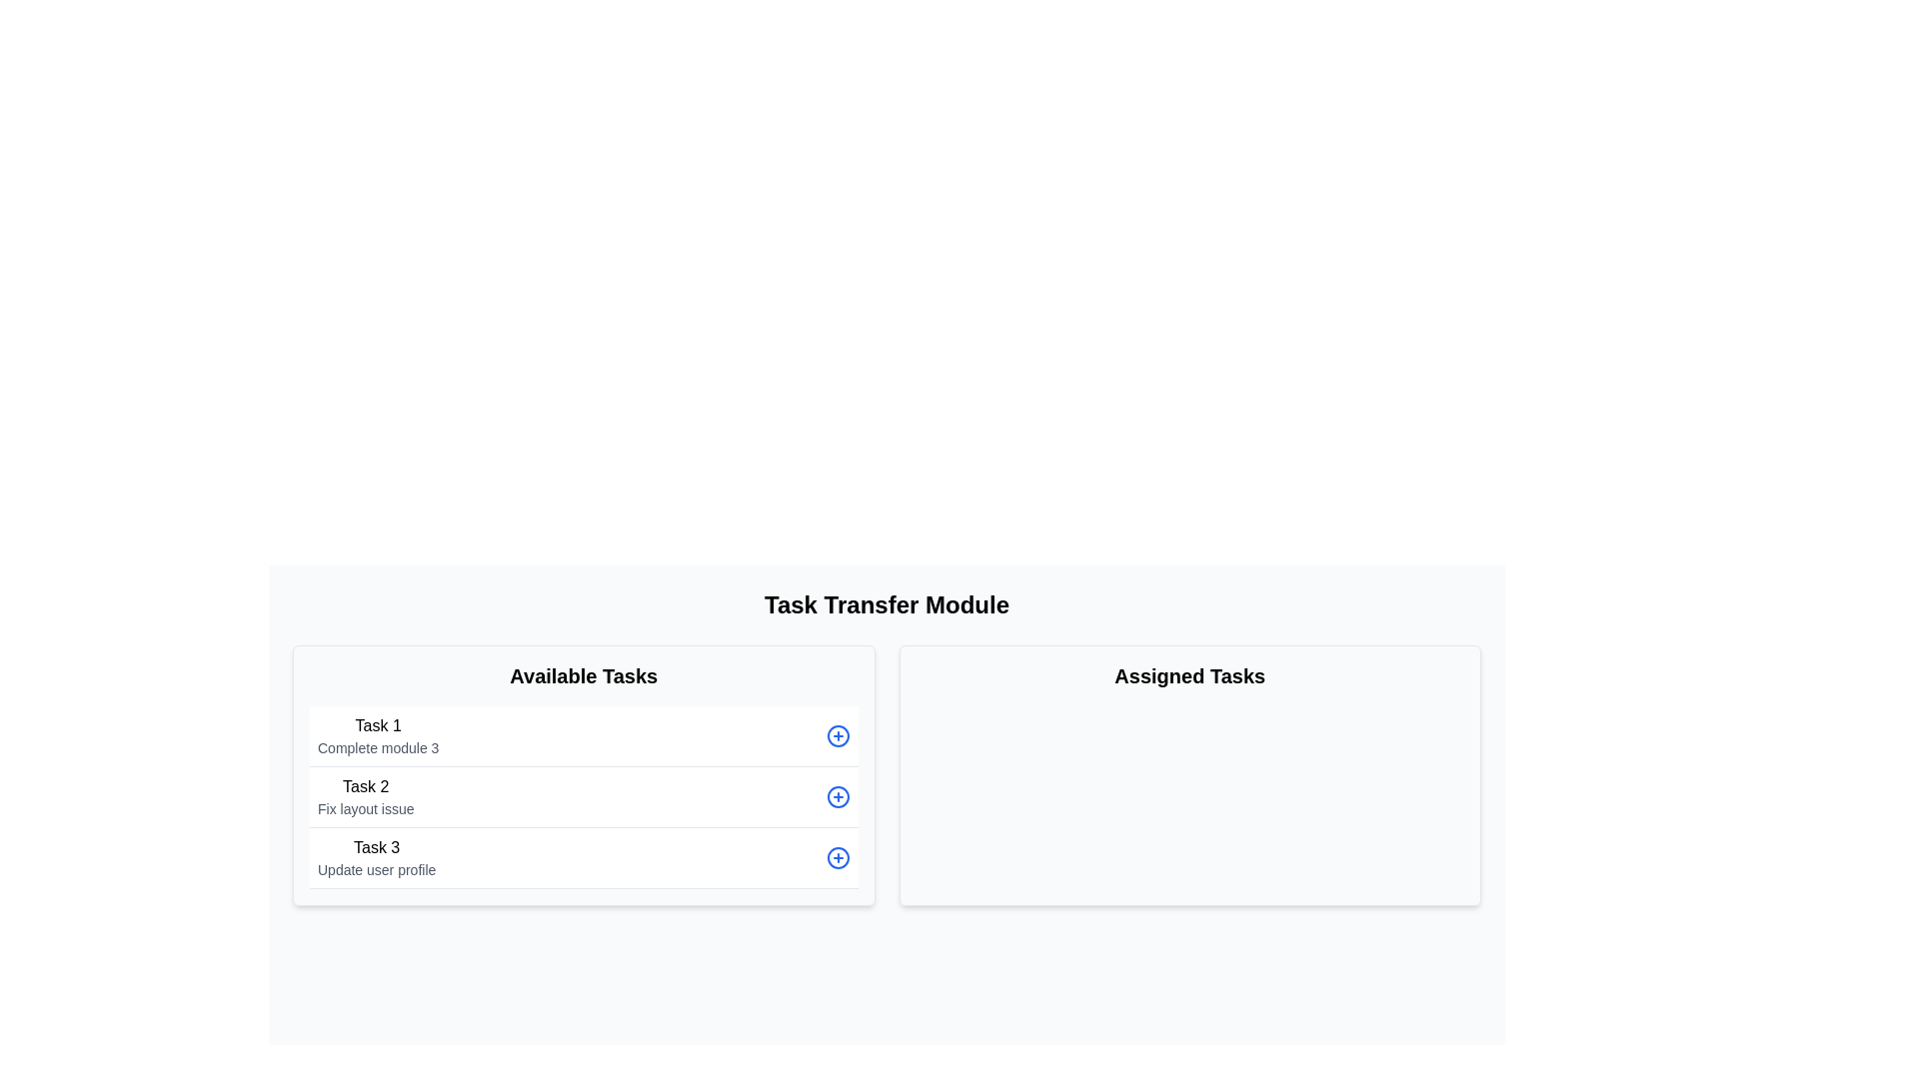  What do you see at coordinates (838, 857) in the screenshot?
I see `the button located to the far-right of the task 'Task 3'` at bounding box center [838, 857].